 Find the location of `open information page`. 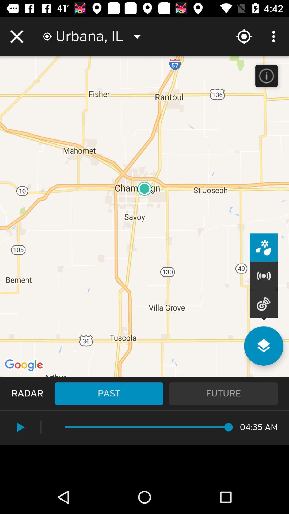

open information page is located at coordinates (266, 75).